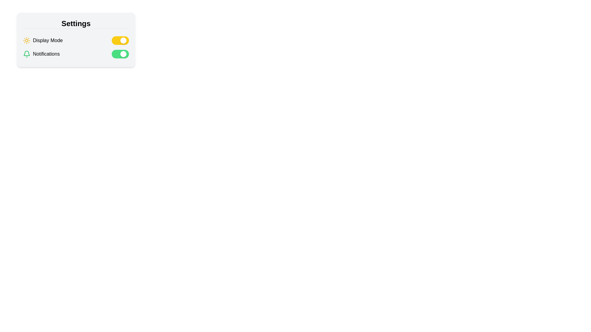  I want to click on the circular toggle indicator for the 'Display Mode' setting in the settings menu, so click(123, 40).